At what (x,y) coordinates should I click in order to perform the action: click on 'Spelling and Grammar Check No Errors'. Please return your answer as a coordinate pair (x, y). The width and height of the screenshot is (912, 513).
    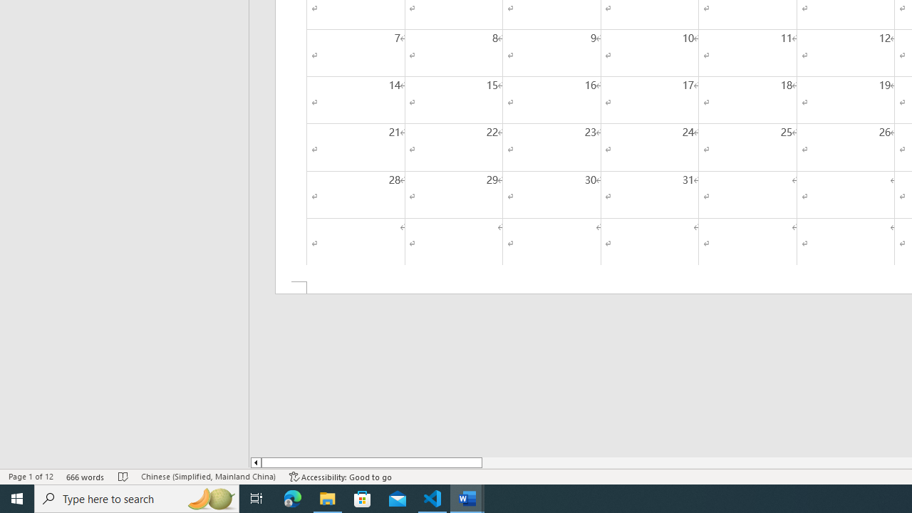
    Looking at the image, I should click on (123, 477).